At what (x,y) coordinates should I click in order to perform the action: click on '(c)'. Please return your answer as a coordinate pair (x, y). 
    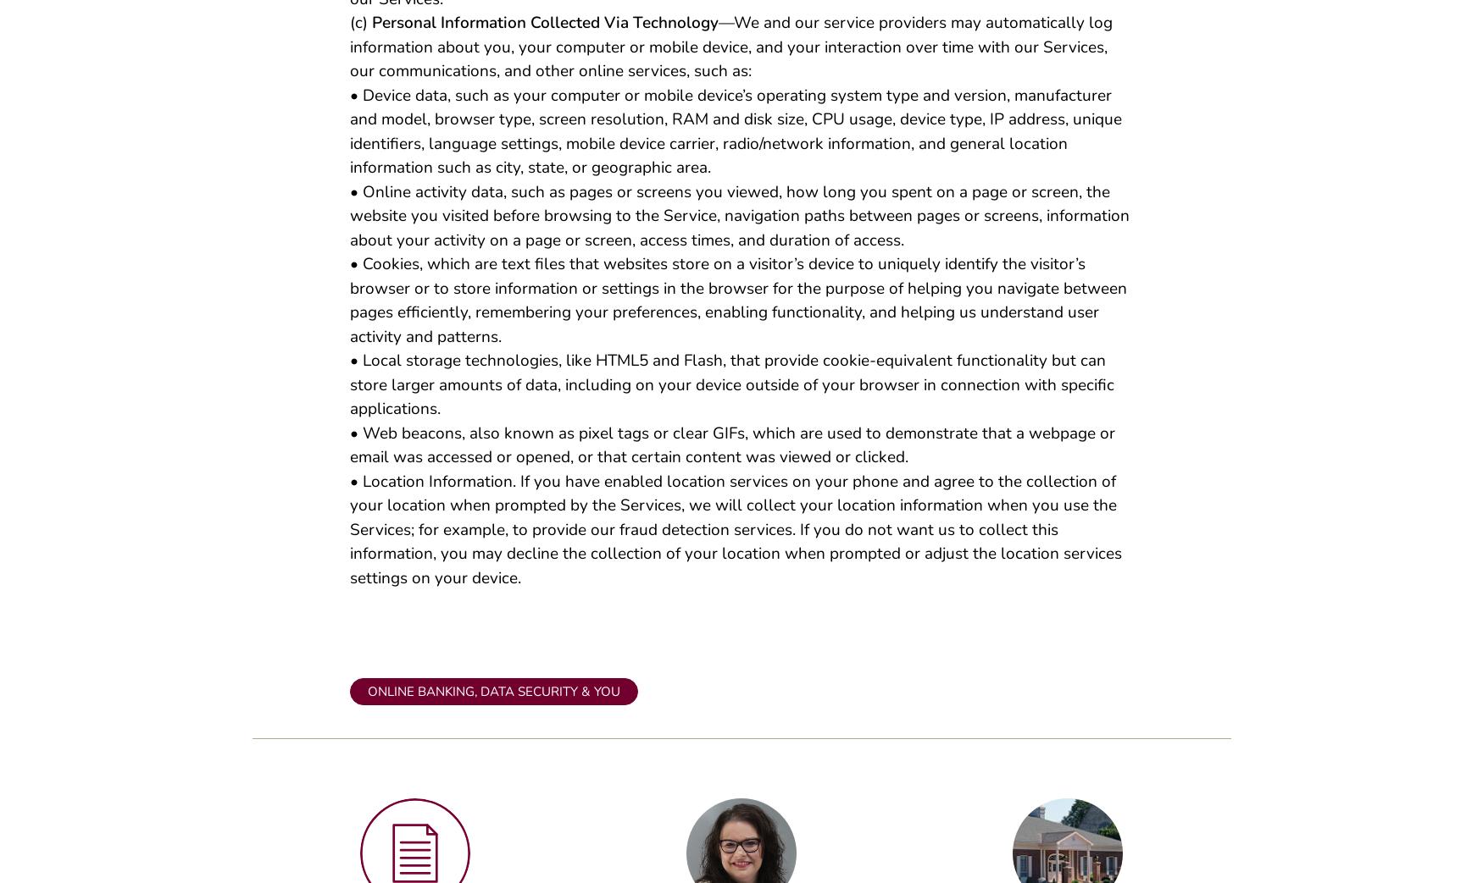
    Looking at the image, I should click on (359, 29).